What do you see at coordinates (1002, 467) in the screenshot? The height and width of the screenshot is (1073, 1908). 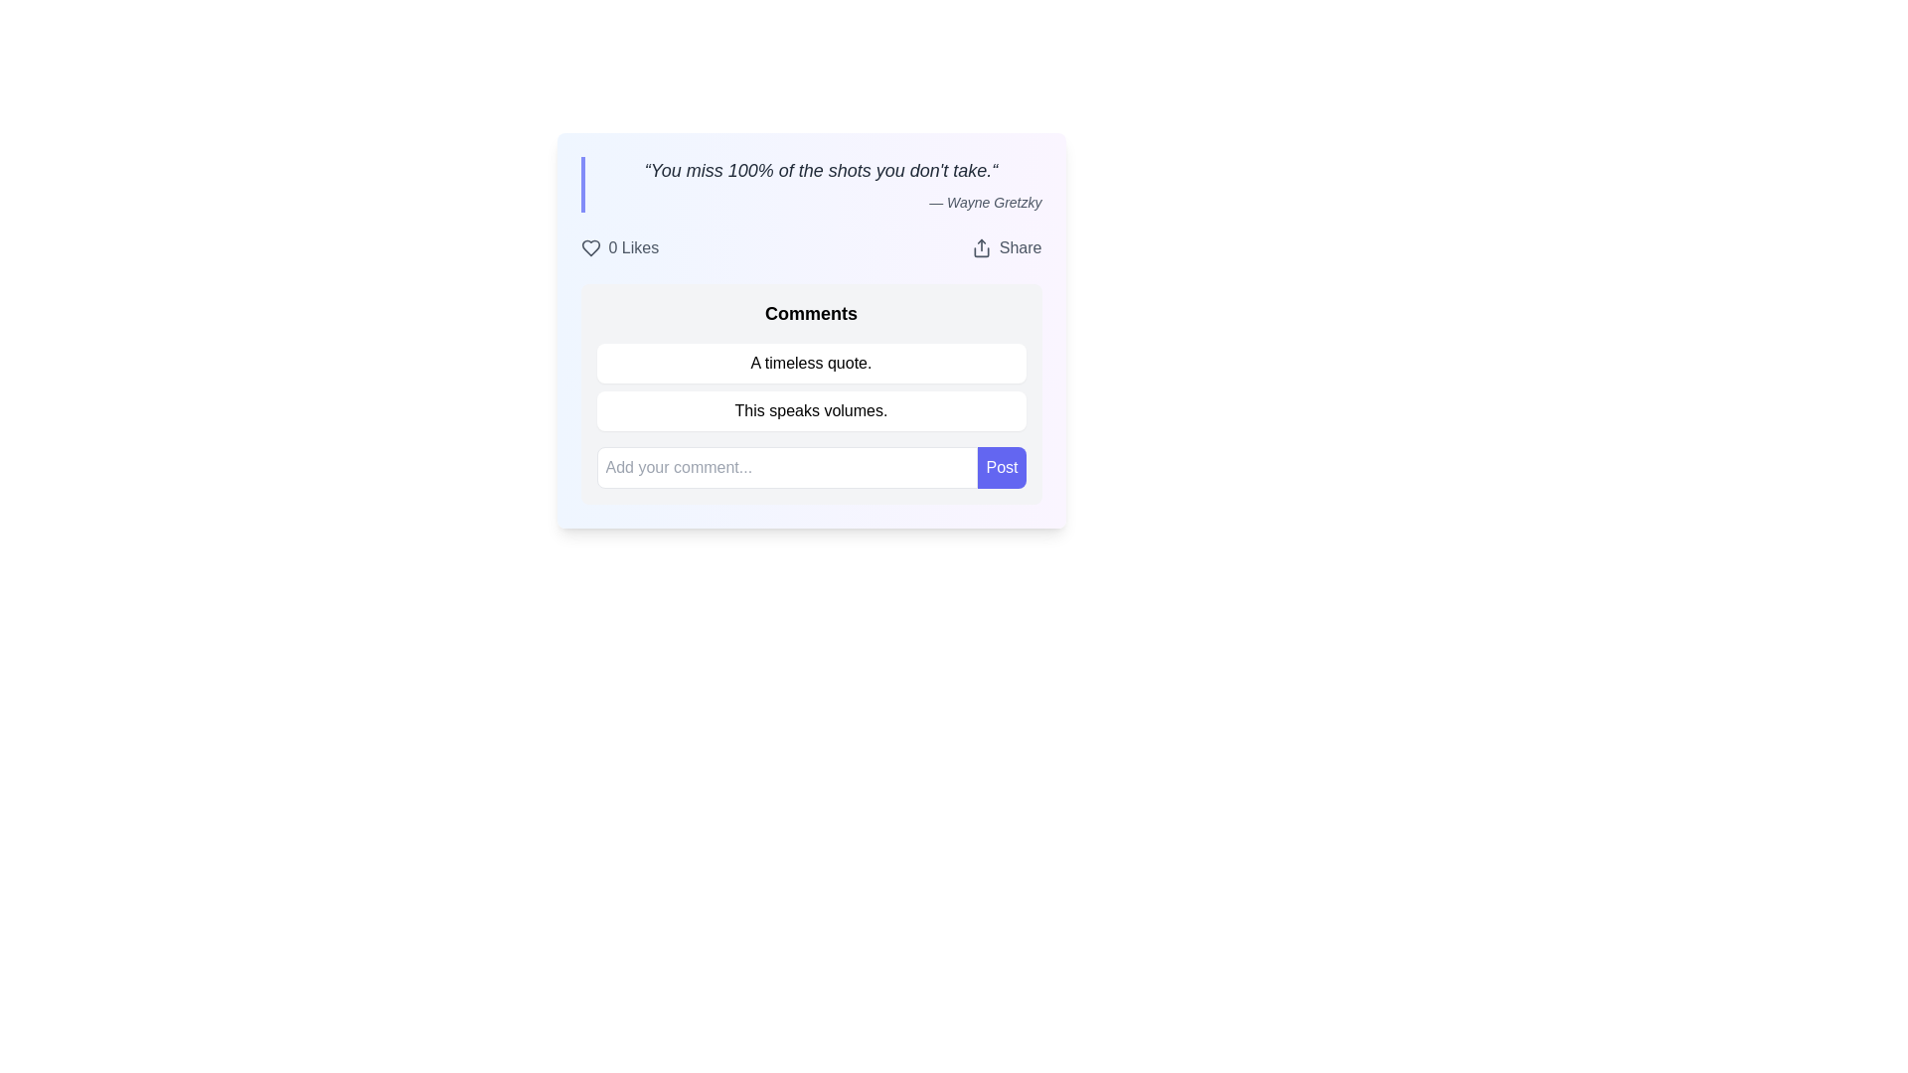 I see `the submit button located to the right of the 'Add your comment...' text field` at bounding box center [1002, 467].